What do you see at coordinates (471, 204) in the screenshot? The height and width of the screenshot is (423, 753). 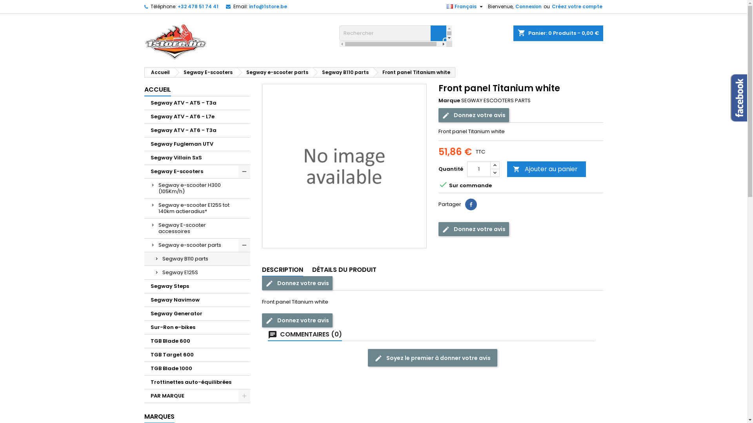 I see `'Partager'` at bounding box center [471, 204].